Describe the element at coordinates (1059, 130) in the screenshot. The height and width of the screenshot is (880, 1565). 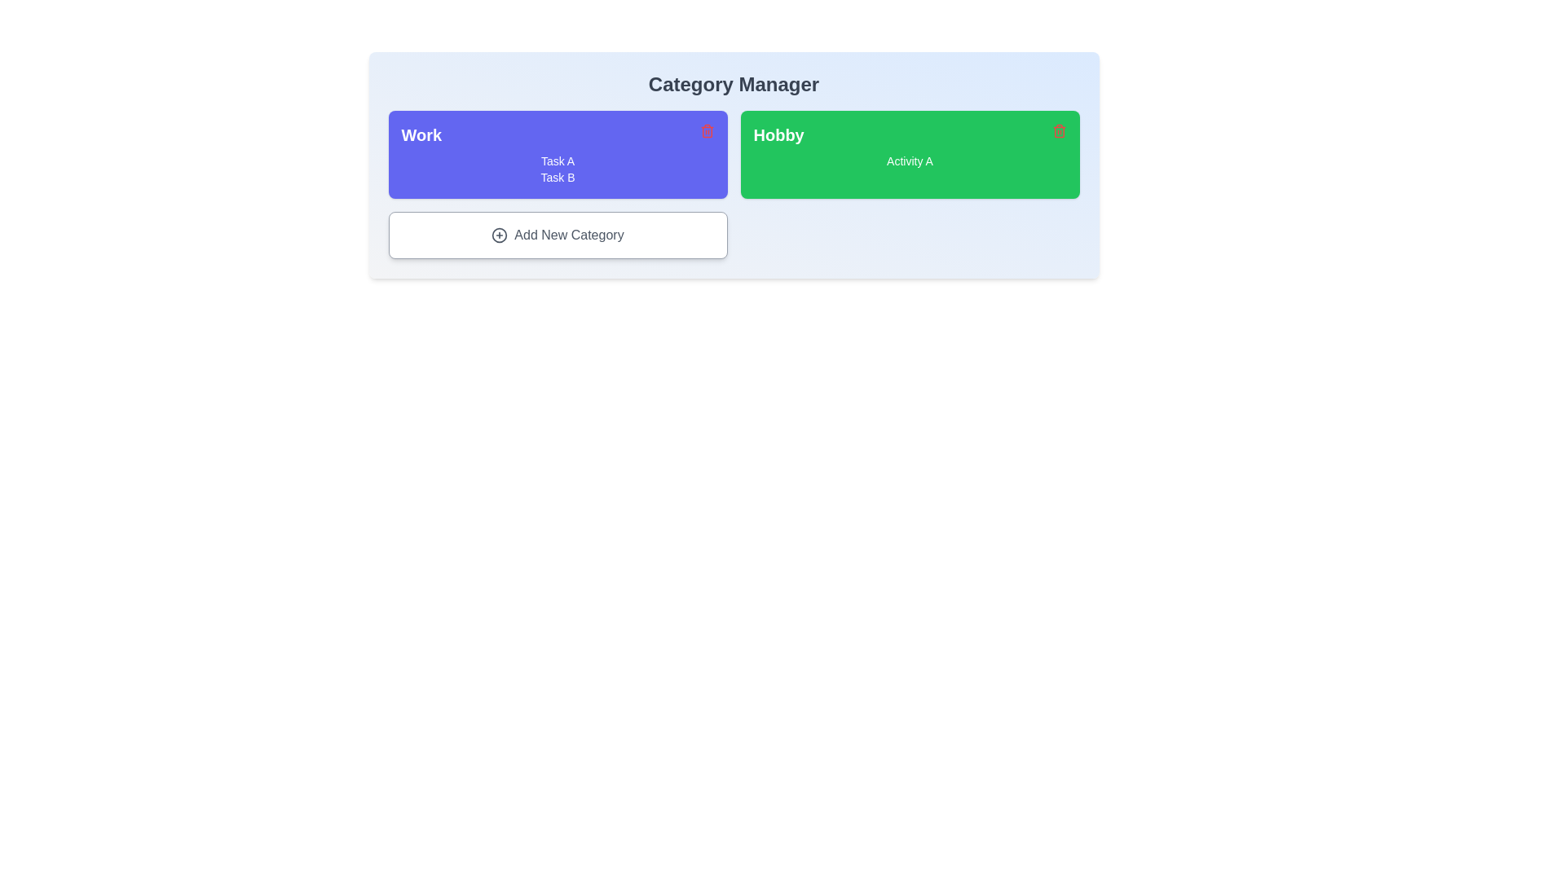
I see `trash icon on the category card titled 'Hobby' to remove it` at that location.